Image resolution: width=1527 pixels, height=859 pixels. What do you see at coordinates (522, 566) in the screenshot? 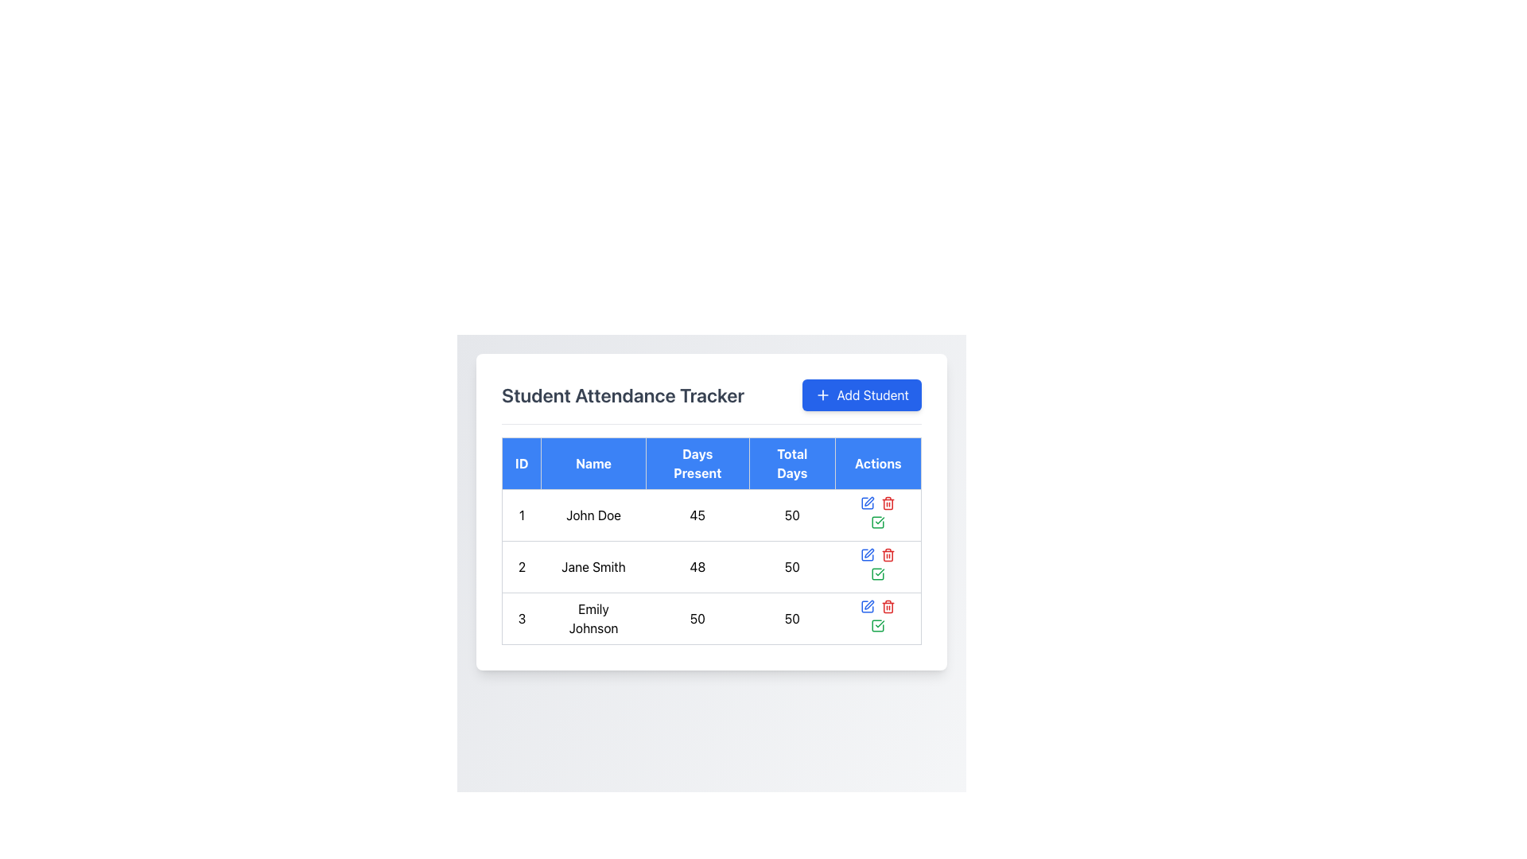
I see `the ID text element corresponding to the second entry for student 'Jane Smith' in the 'Student Attendance Tracker' table` at bounding box center [522, 566].